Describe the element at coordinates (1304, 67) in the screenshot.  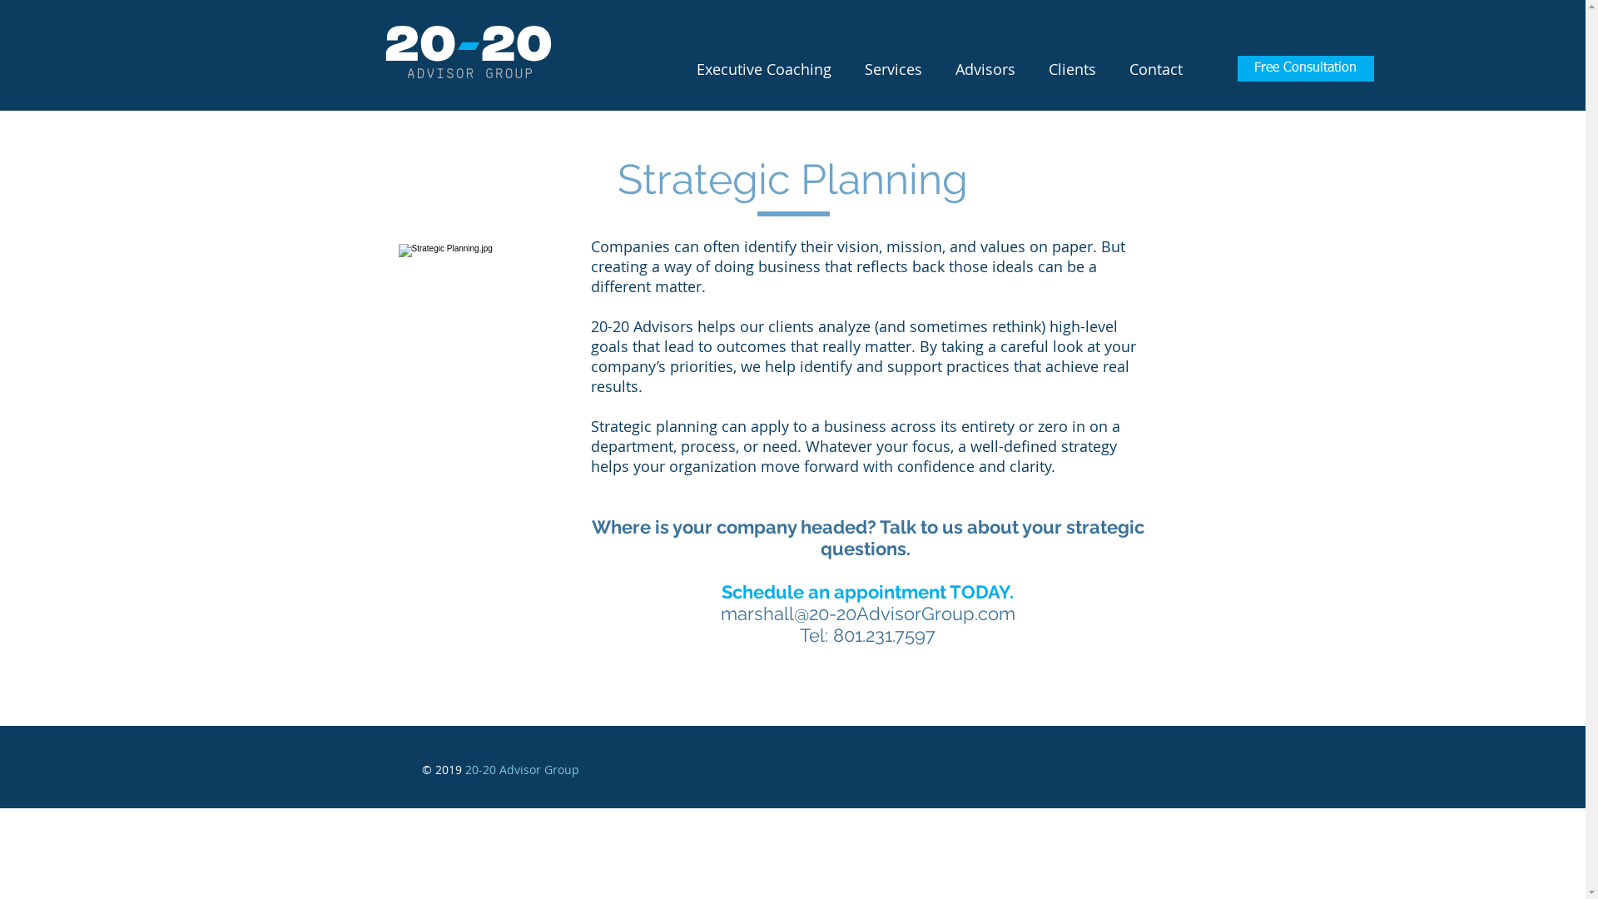
I see `'Free Consultation'` at that location.